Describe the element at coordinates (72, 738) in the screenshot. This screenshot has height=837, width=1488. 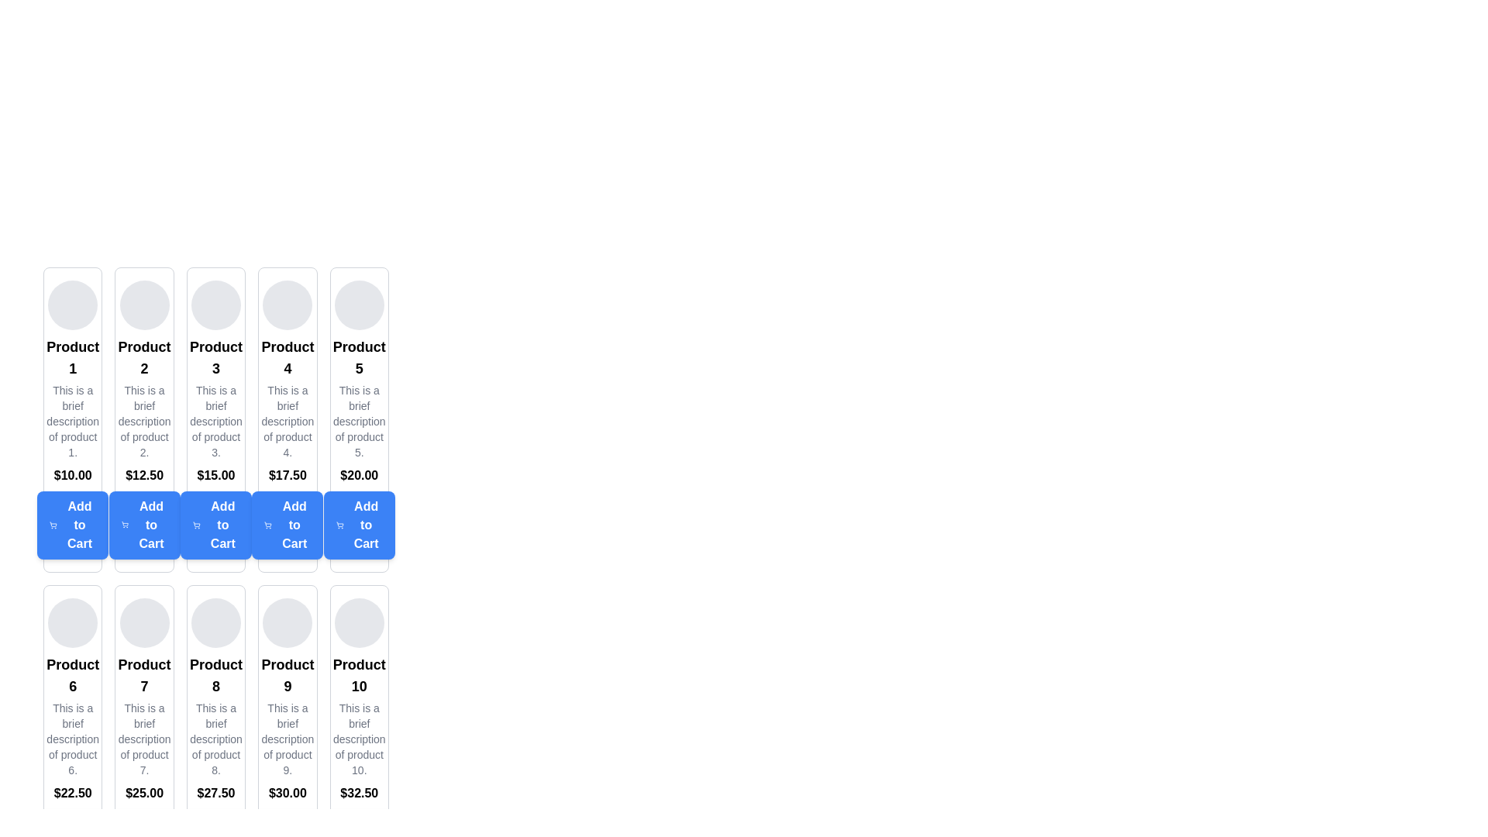
I see `the Text label that provides a brief description of the product within the sixth product card, located beneath 'Product 6' and above the price '$22.50'` at that location.